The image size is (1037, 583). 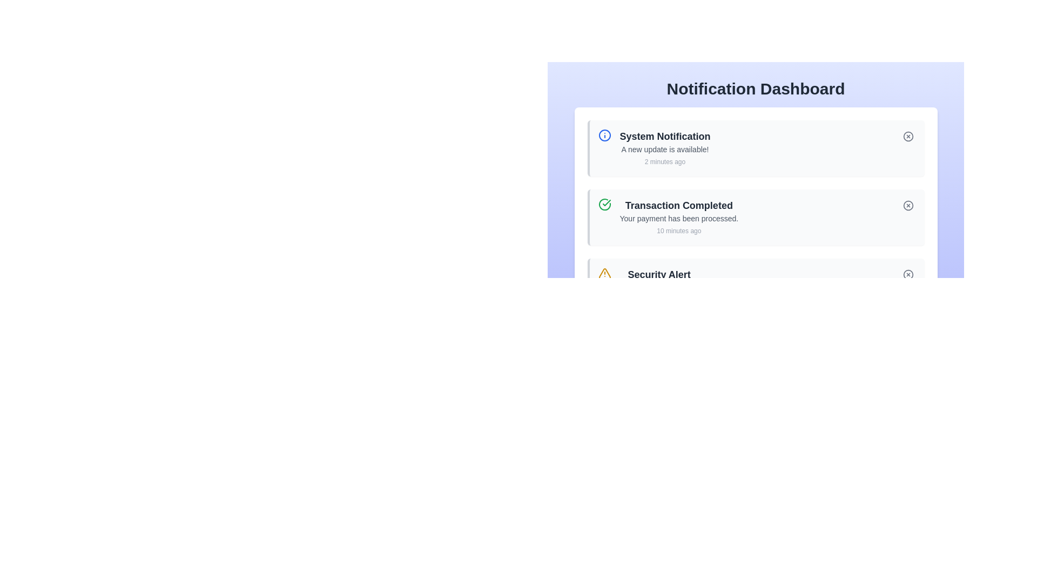 I want to click on the warning icon in the third notification box labeled 'Security Alert', which signifies a warning or alert status, so click(x=604, y=273).